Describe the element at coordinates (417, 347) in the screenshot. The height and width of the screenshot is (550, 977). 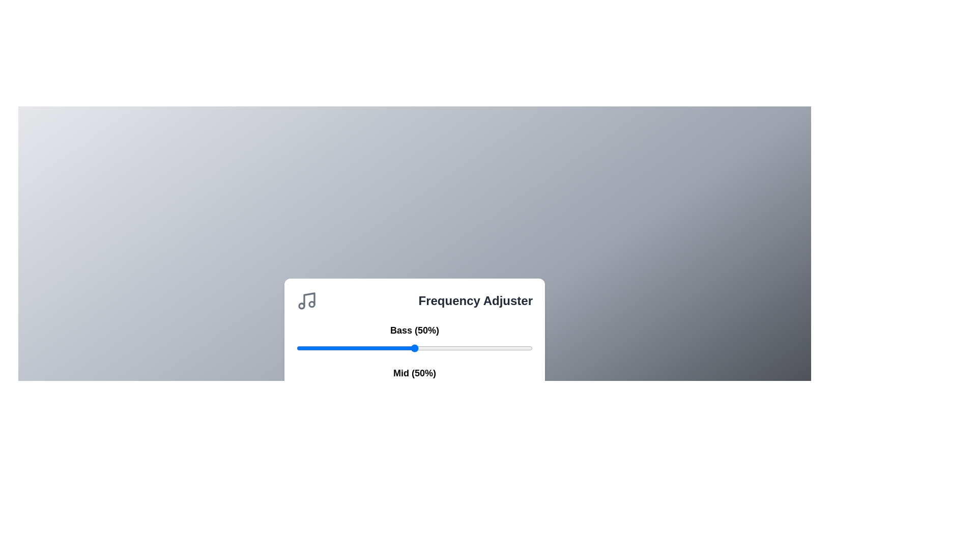
I see `the 0 slider to 1%` at that location.